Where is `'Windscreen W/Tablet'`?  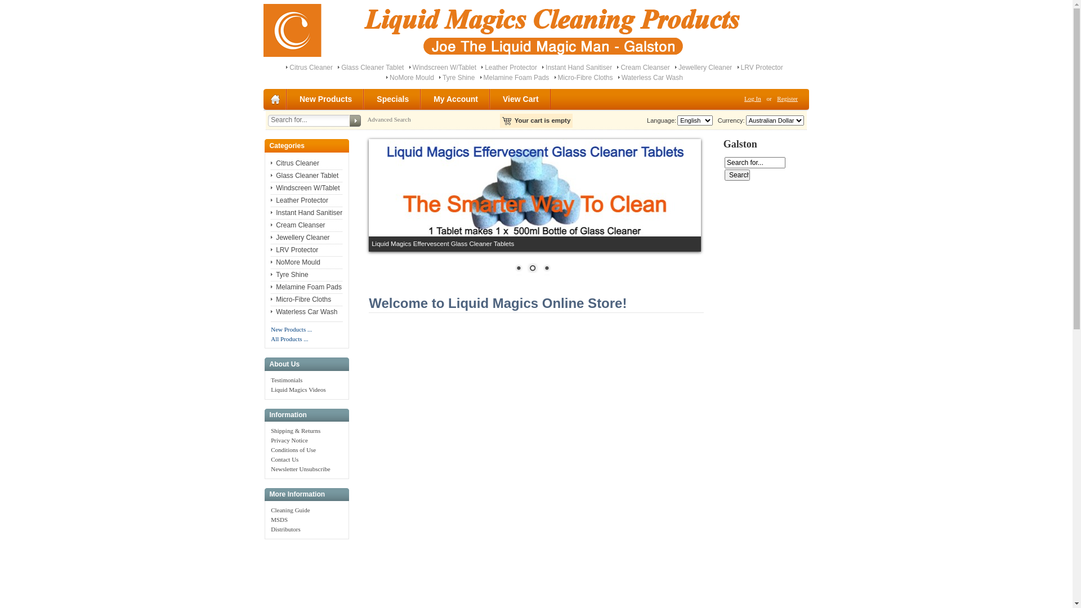
'Windscreen W/Tablet' is located at coordinates (305, 187).